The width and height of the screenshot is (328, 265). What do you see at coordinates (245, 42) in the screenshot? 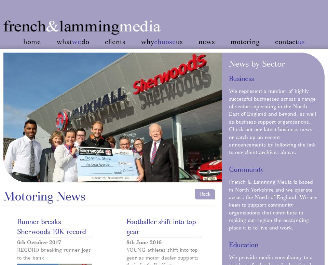
I see `'motoring'` at bounding box center [245, 42].